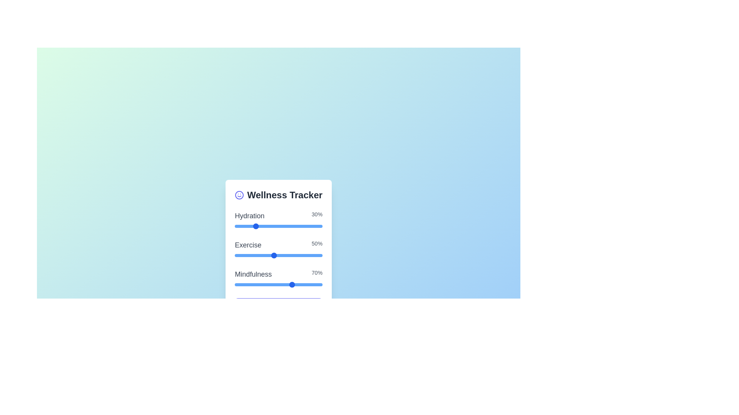 The height and width of the screenshot is (415, 739). Describe the element at coordinates (283, 284) in the screenshot. I see `the 'Mindfulness' slider to set its value to 6` at that location.